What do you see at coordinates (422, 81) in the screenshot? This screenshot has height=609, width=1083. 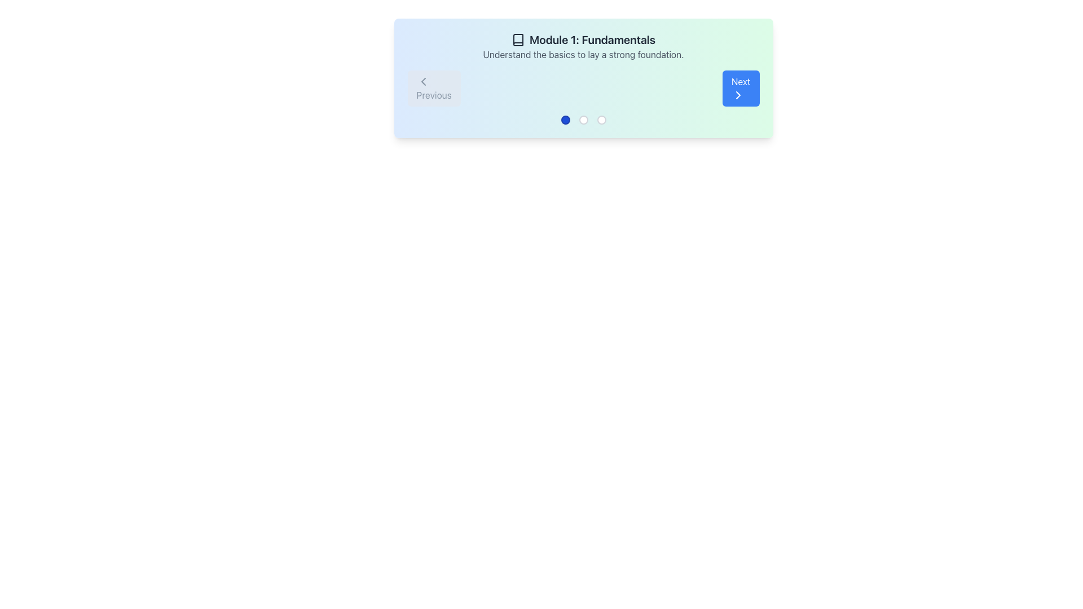 I see `the left-pointing chevron arrow icon located at the center-left of the 'Previous' button in the navigation header` at bounding box center [422, 81].